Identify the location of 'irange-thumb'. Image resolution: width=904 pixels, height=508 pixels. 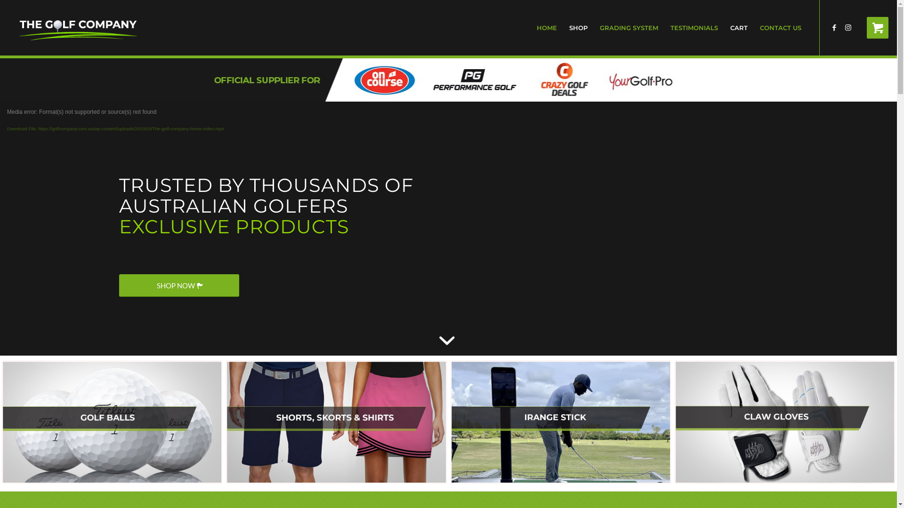
(560, 421).